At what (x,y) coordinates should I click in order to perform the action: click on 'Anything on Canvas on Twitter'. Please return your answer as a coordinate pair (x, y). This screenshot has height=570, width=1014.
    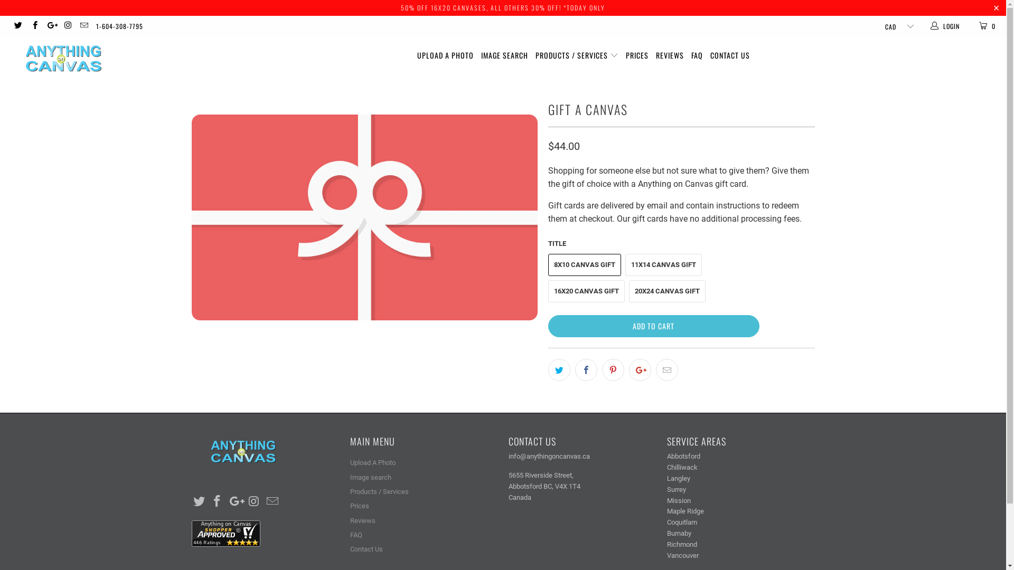
    Looking at the image, I should click on (17, 26).